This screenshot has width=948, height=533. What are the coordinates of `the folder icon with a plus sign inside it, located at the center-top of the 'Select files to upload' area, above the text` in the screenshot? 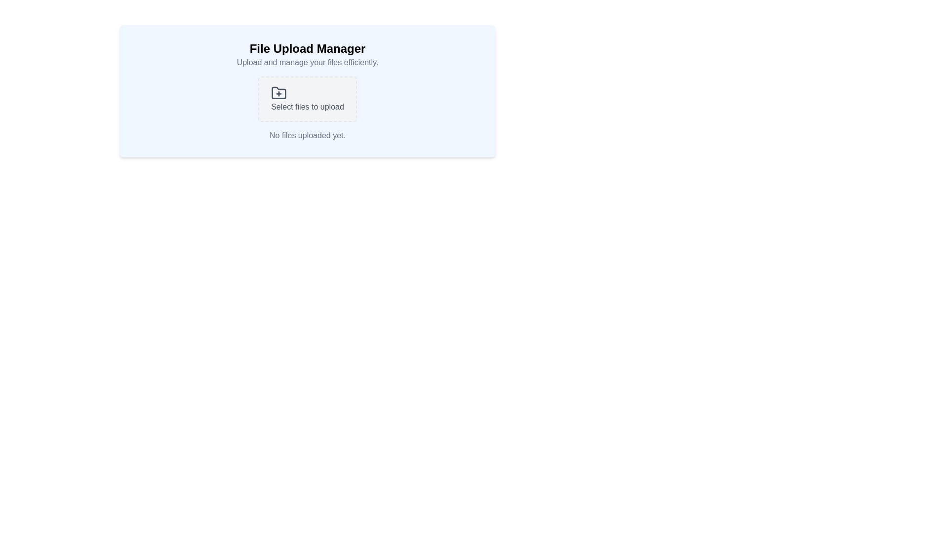 It's located at (278, 93).